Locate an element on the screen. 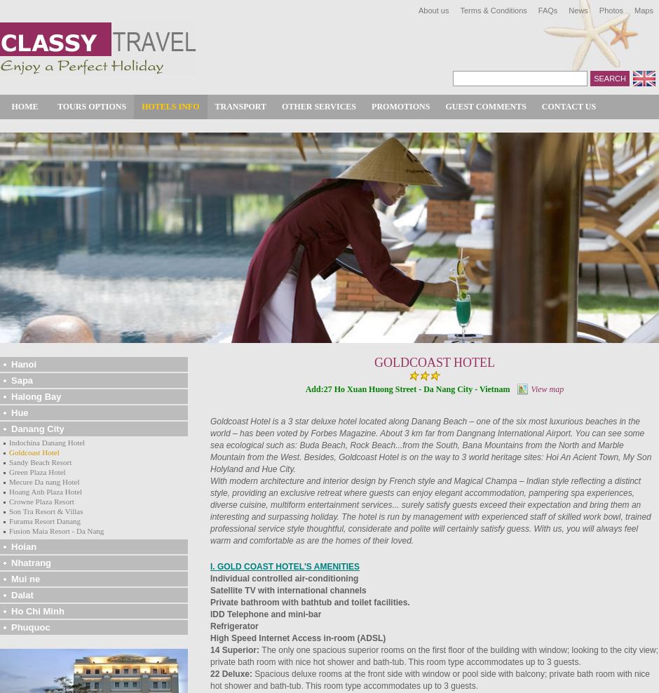 The image size is (659, 693). 'Tours Options' is located at coordinates (91, 105).